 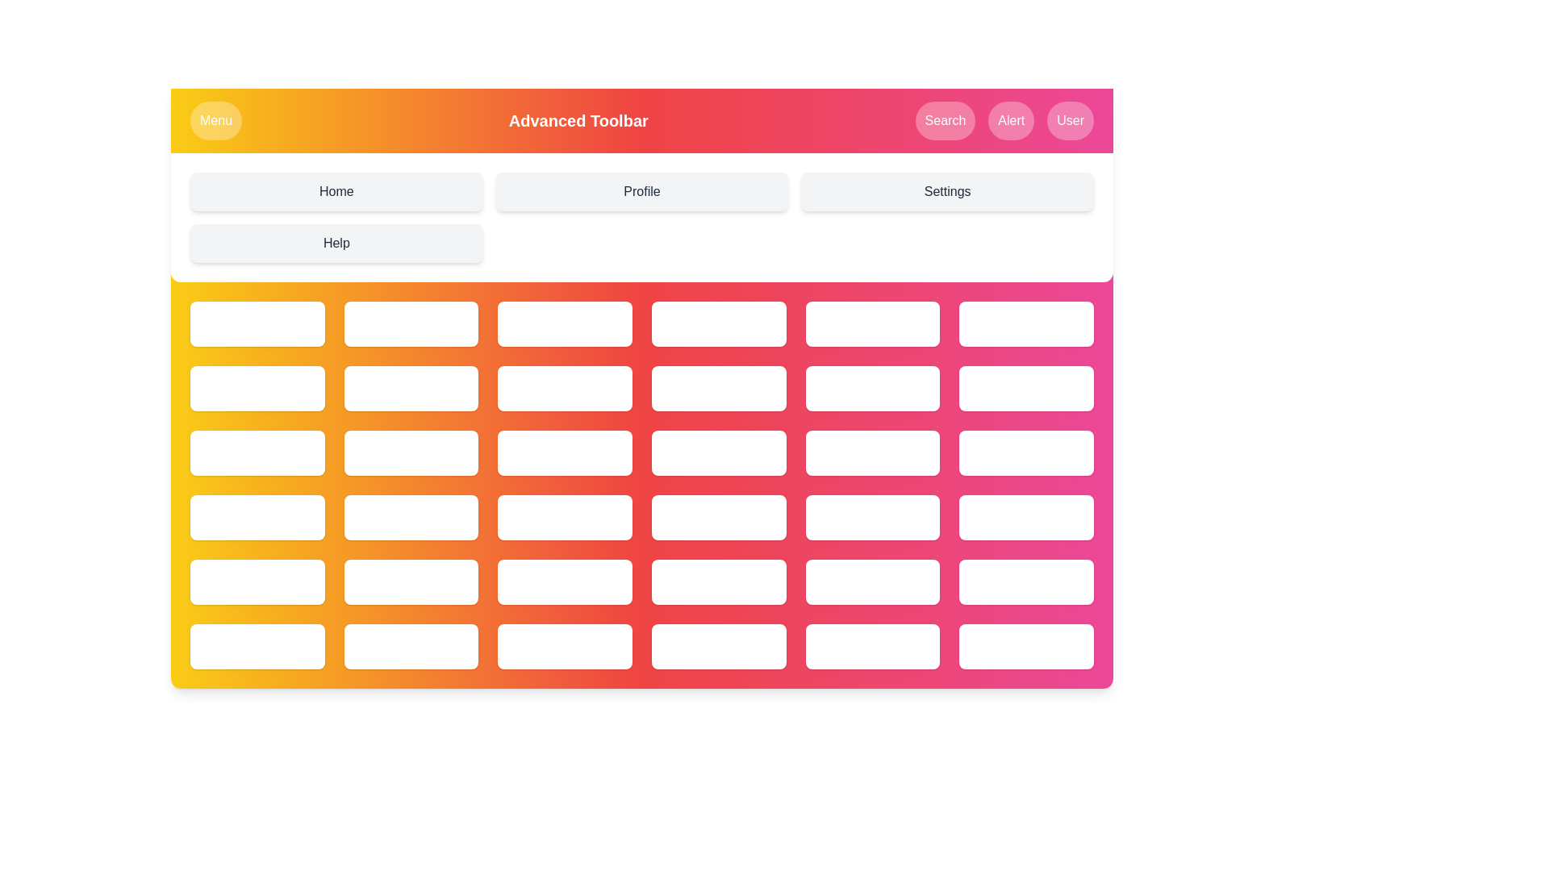 I want to click on the User button in the navigation bar, so click(x=1071, y=120).